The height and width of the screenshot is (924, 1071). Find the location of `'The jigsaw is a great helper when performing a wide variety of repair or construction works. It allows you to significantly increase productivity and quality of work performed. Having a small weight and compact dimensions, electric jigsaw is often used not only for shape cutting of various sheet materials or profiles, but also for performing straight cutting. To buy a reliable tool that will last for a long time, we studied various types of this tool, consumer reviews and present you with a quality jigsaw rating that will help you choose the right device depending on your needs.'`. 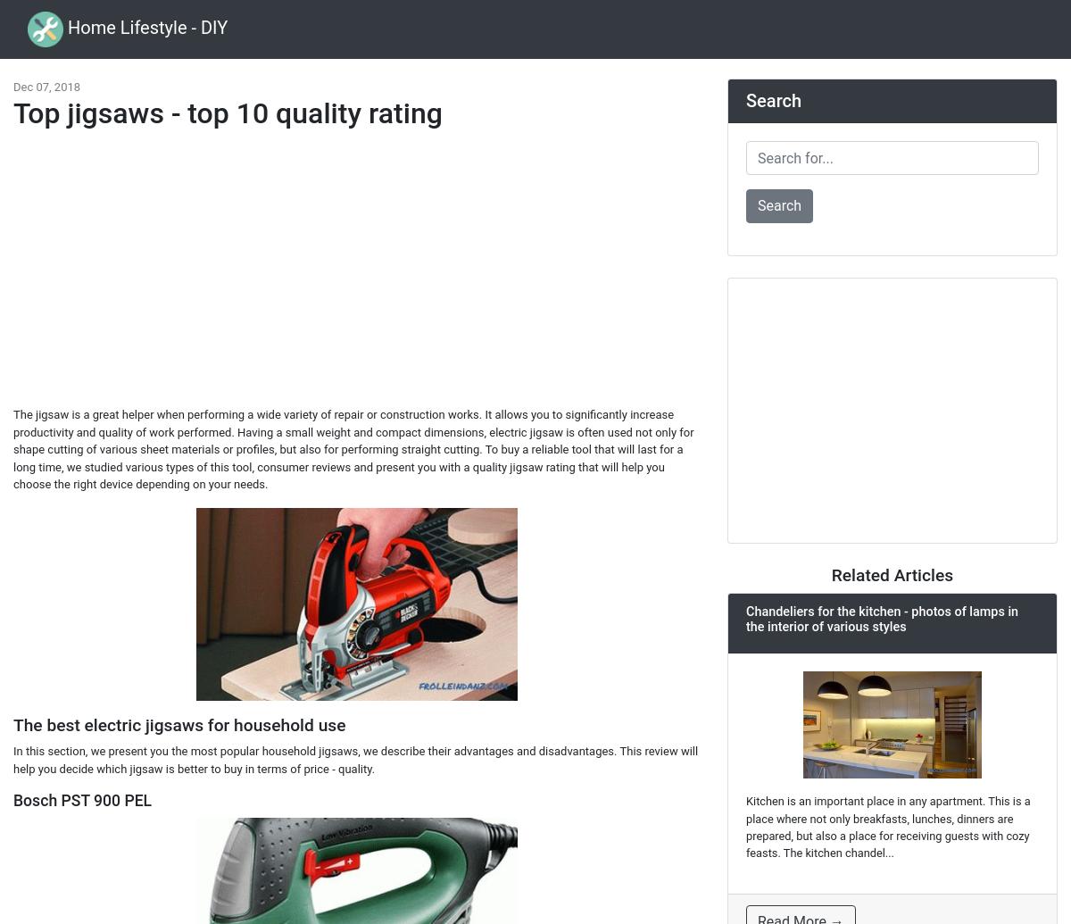

'The jigsaw is a great helper when performing a wide variety of repair or construction works. It allows you to significantly increase productivity and quality of work performed. Having a small weight and compact dimensions, electric jigsaw is often used not only for shape cutting of various sheet materials or profiles, but also for performing straight cutting. To buy a reliable tool that will last for a long time, we studied various types of this tool, consumer reviews and present you with a quality jigsaw rating that will help you choose the right device depending on your needs.' is located at coordinates (353, 449).